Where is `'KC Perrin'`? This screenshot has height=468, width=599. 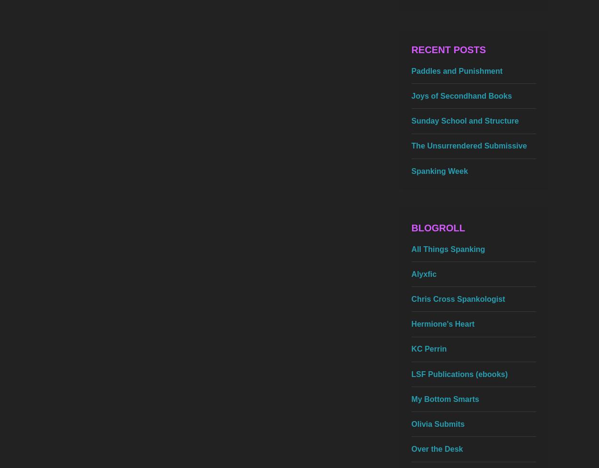 'KC Perrin' is located at coordinates (429, 349).